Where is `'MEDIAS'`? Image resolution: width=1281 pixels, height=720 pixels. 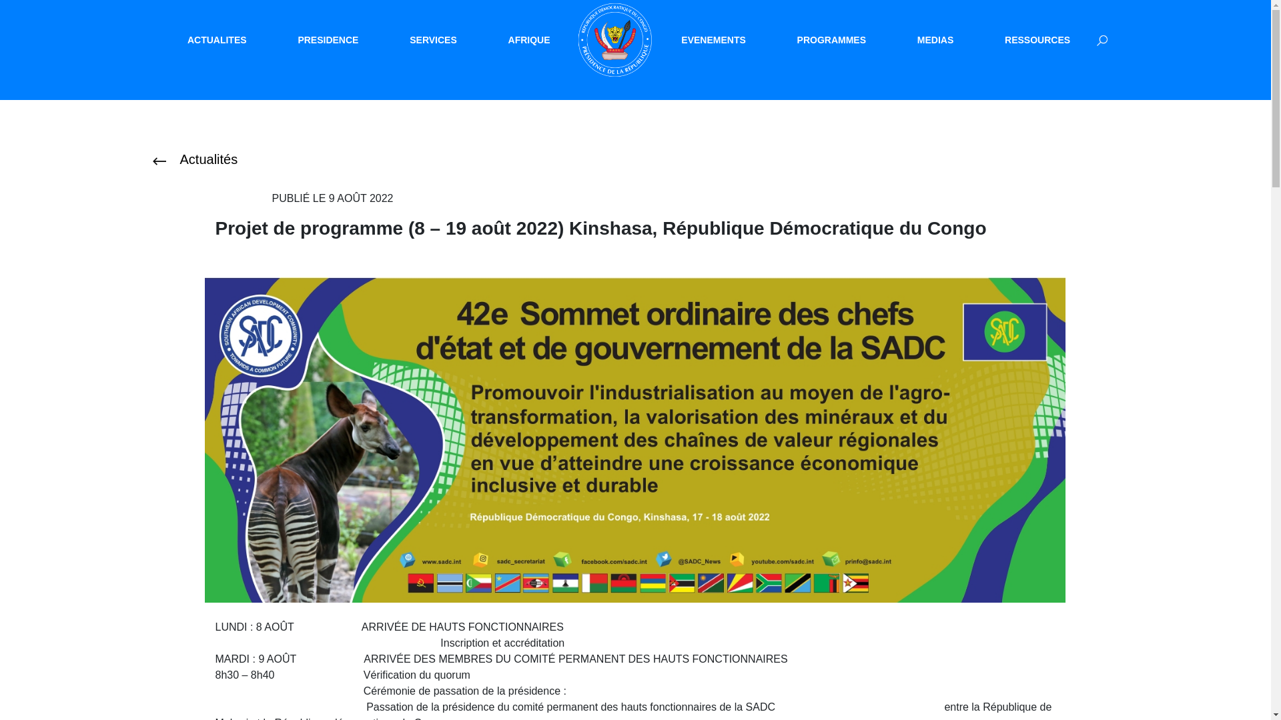 'MEDIAS' is located at coordinates (916, 39).